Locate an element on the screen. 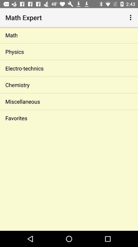 This screenshot has height=247, width=138. miscellaneous app is located at coordinates (69, 101).